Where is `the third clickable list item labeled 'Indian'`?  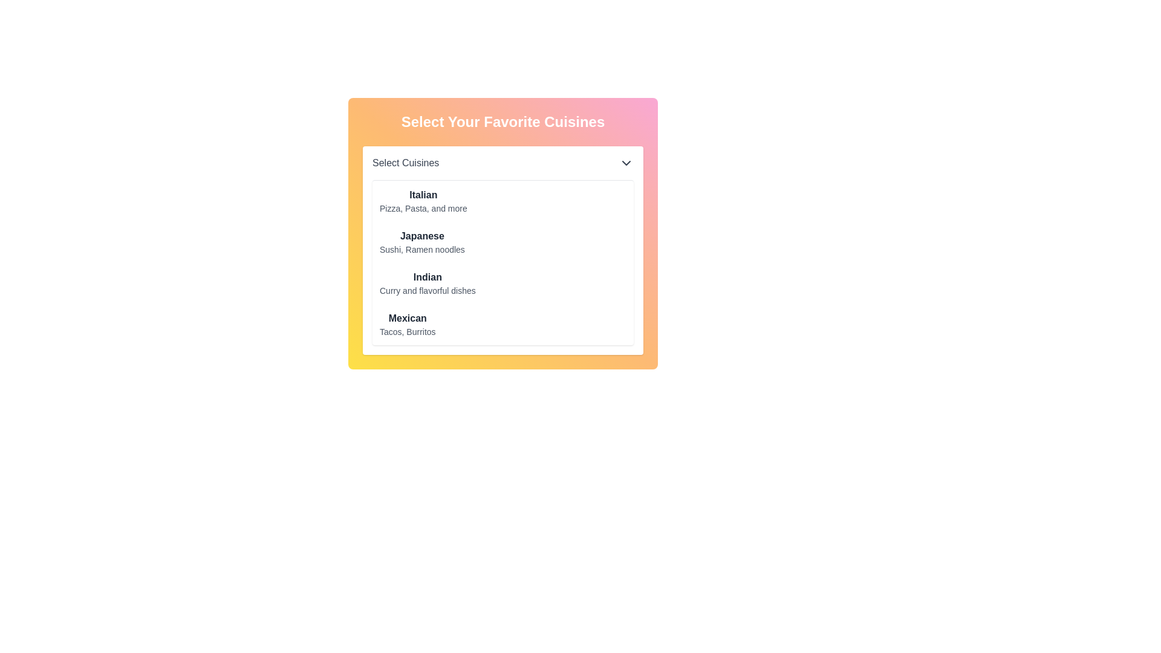 the third clickable list item labeled 'Indian' is located at coordinates (428, 284).